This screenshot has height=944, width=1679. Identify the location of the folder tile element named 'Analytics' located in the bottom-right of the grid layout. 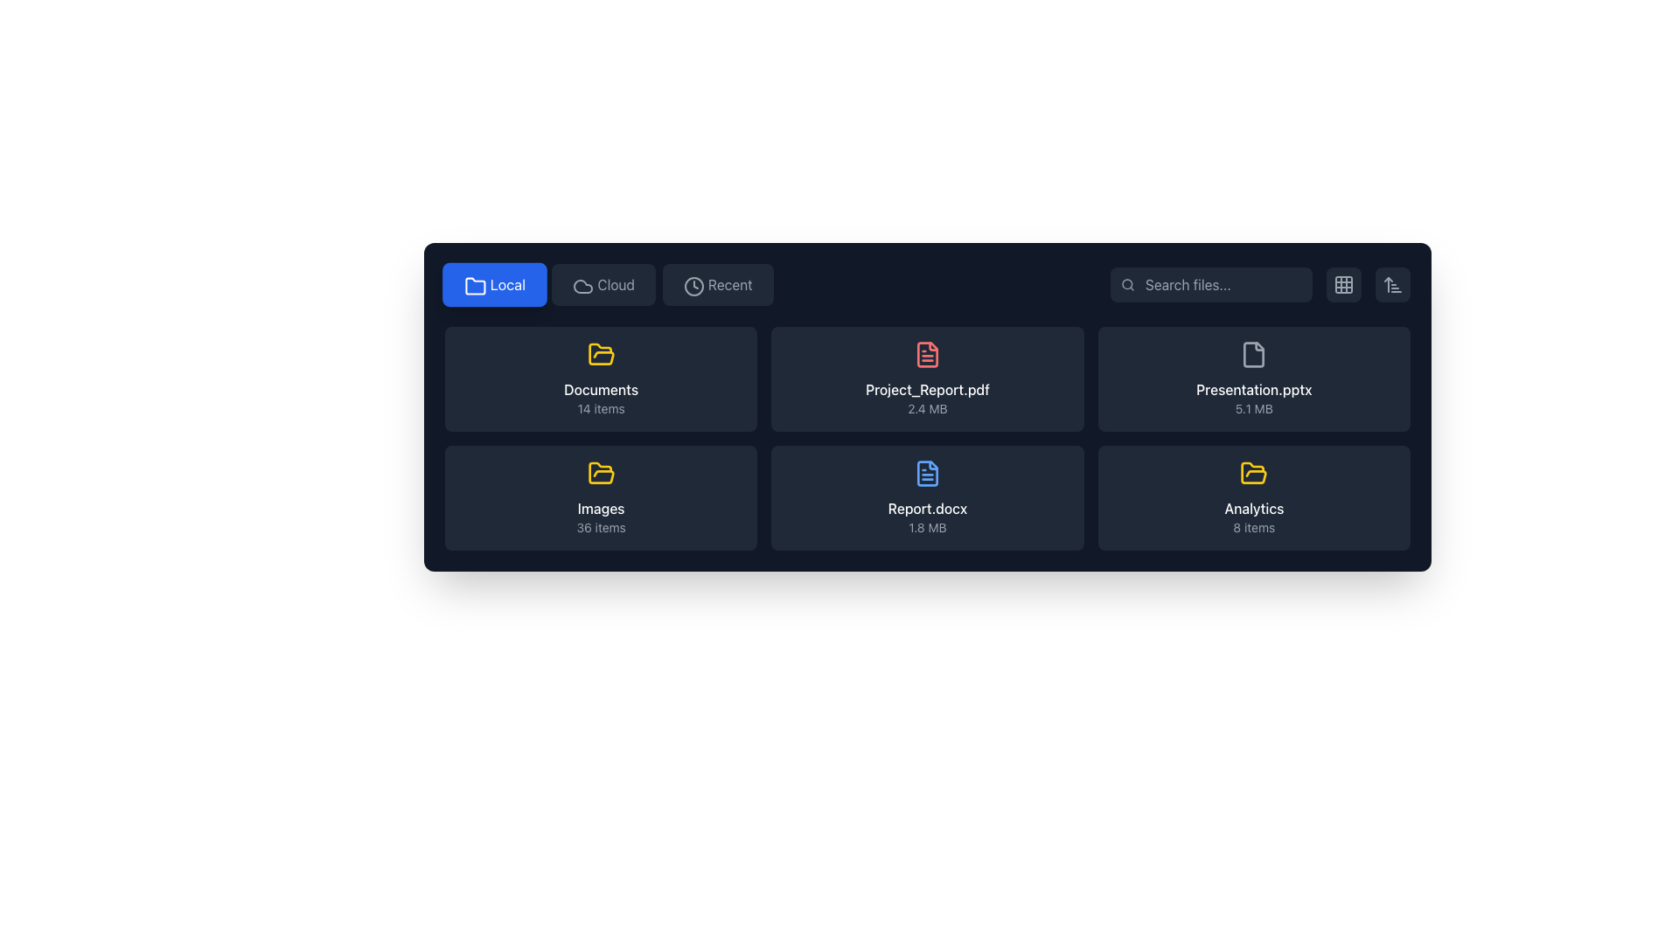
(1253, 498).